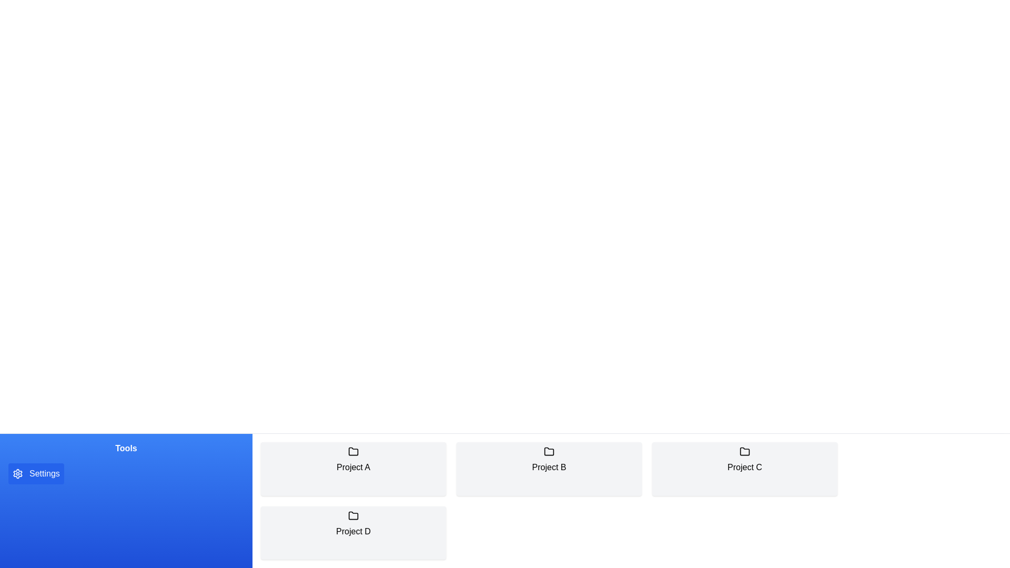 Image resolution: width=1010 pixels, height=568 pixels. I want to click on the minimalistic black and white folder icon located at the top center of the 'Project D' card, which is the fourth card in the grid layout, so click(353, 514).